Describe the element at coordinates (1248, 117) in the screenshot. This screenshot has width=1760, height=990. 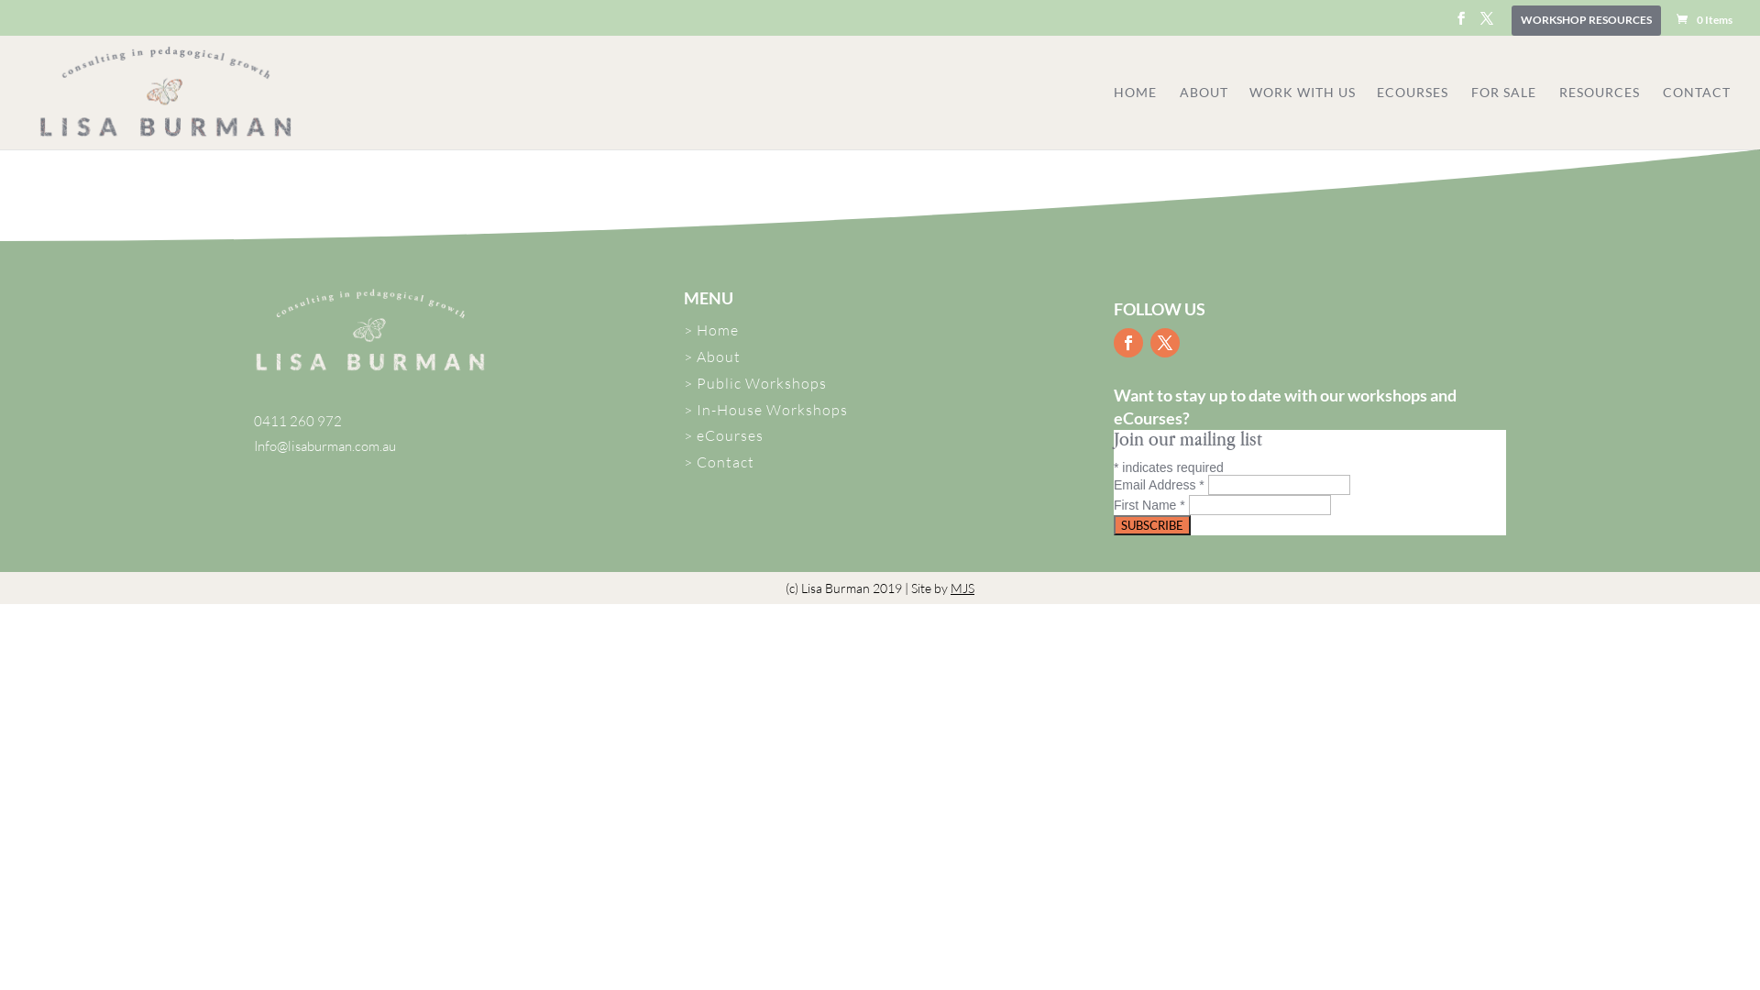
I see `'WORK WITH US'` at that location.